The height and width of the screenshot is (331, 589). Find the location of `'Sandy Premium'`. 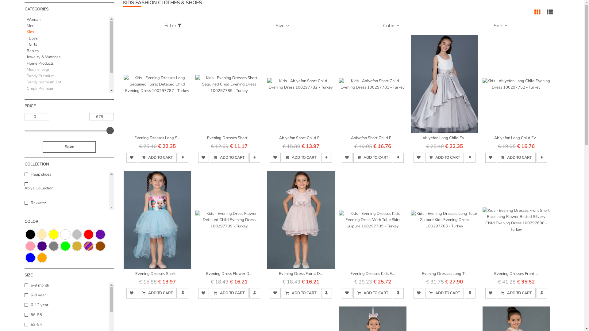

'Sandy Premium' is located at coordinates (40, 75).